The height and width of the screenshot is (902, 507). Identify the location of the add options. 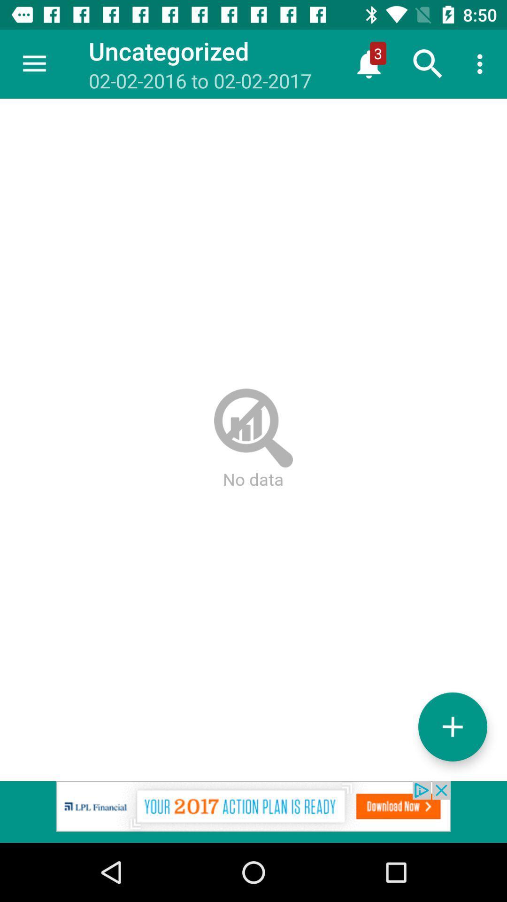
(452, 726).